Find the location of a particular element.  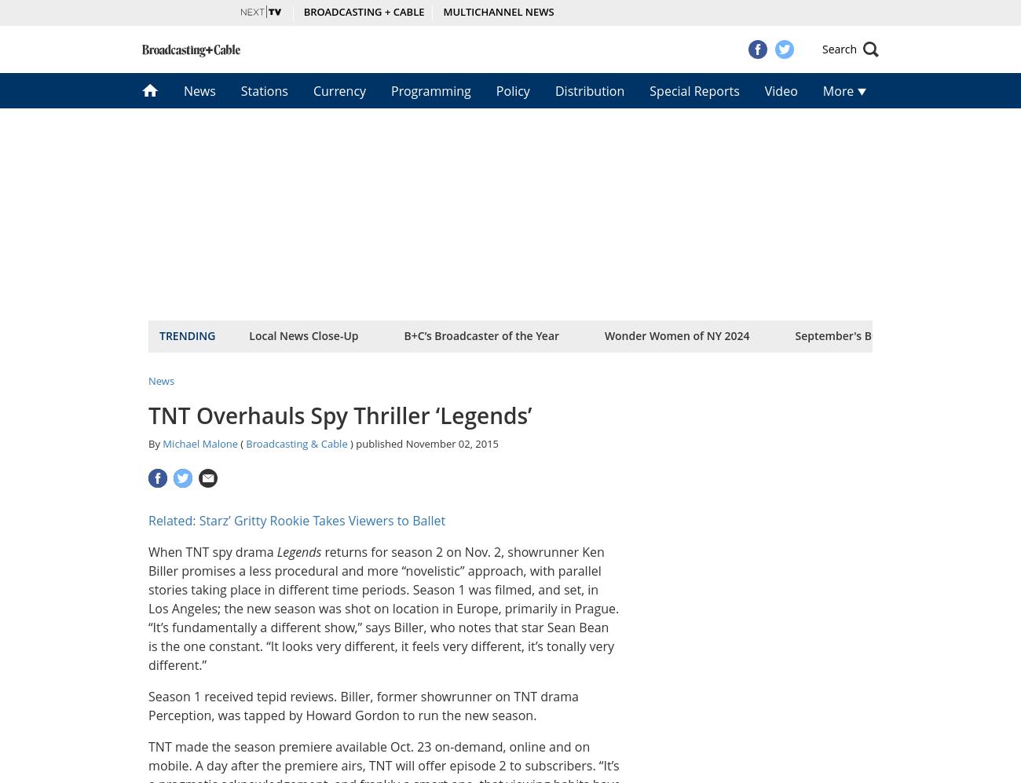

'(' is located at coordinates (243, 443).